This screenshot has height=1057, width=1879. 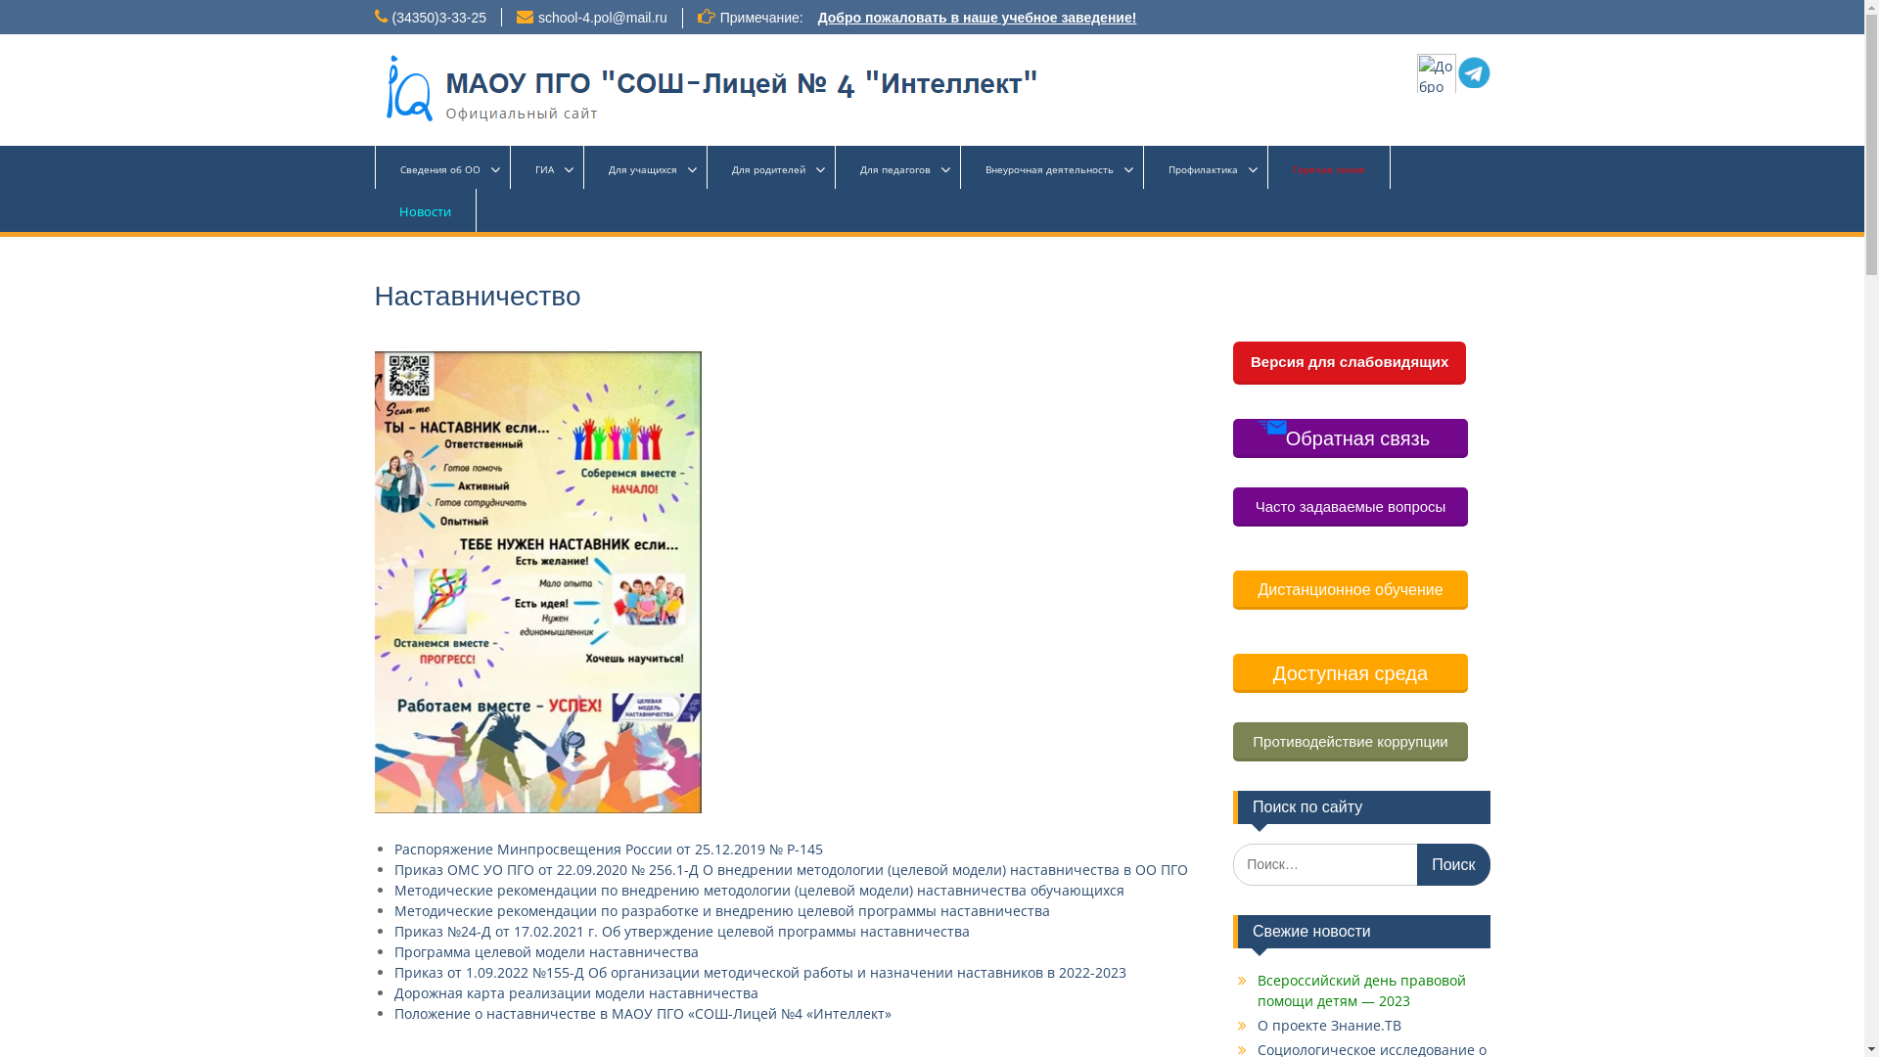 I want to click on '(34350)3-33-25', so click(x=437, y=18).